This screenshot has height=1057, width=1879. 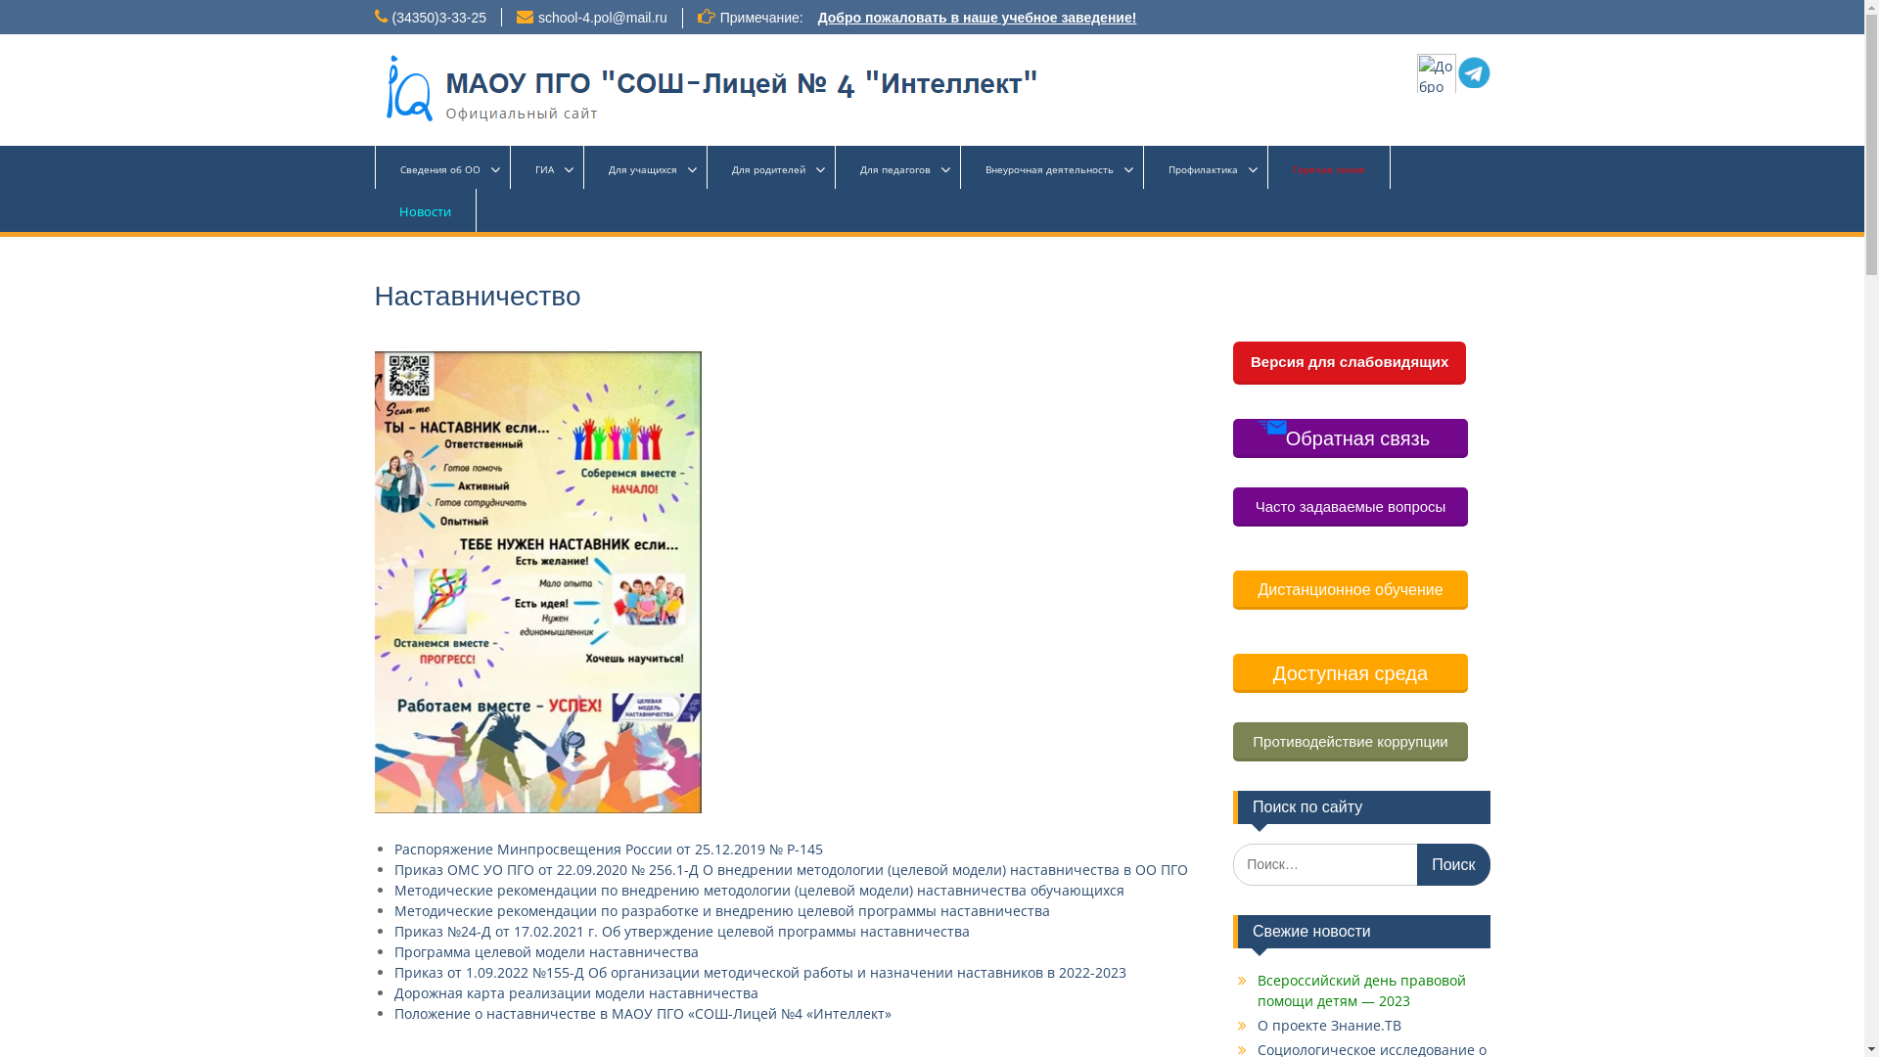 I want to click on '(34350)3-33-25', so click(x=437, y=18).